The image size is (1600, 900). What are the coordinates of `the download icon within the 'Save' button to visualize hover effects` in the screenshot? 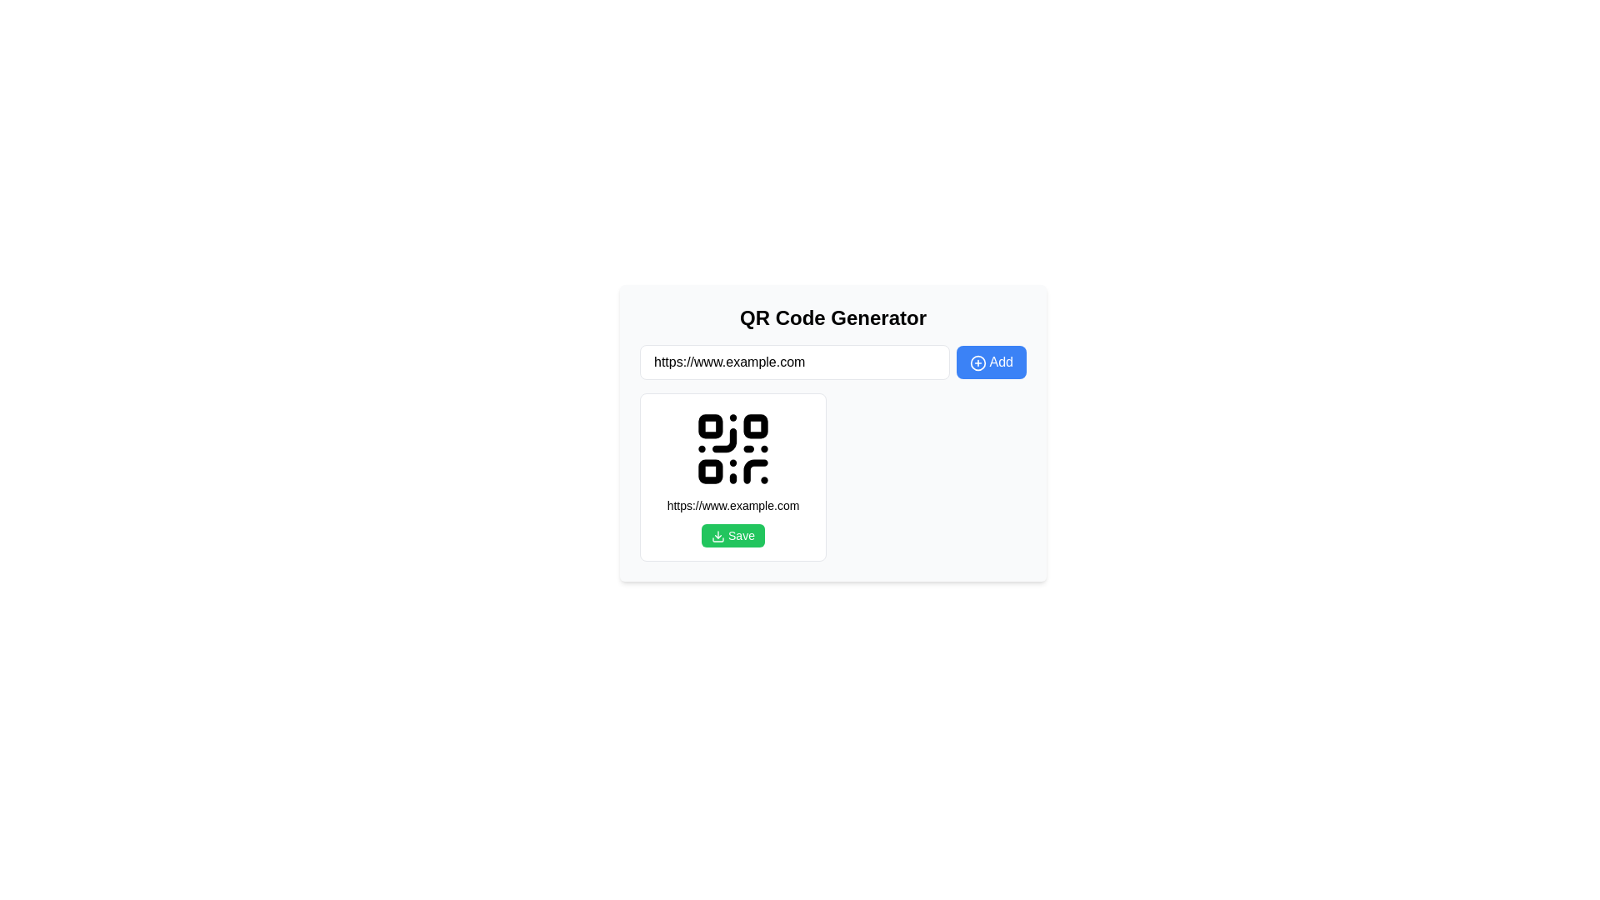 It's located at (718, 537).